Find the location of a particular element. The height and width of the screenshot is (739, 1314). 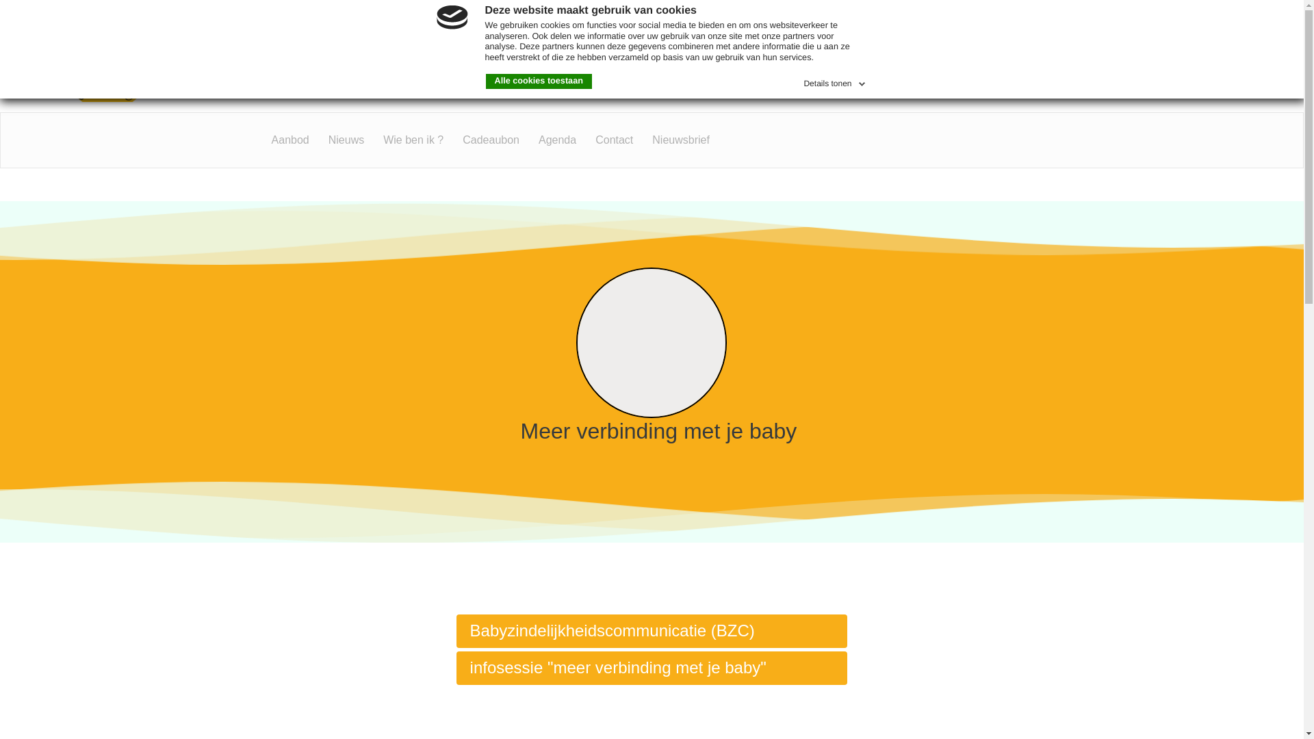

'Alle cookies toestaan' is located at coordinates (538, 81).